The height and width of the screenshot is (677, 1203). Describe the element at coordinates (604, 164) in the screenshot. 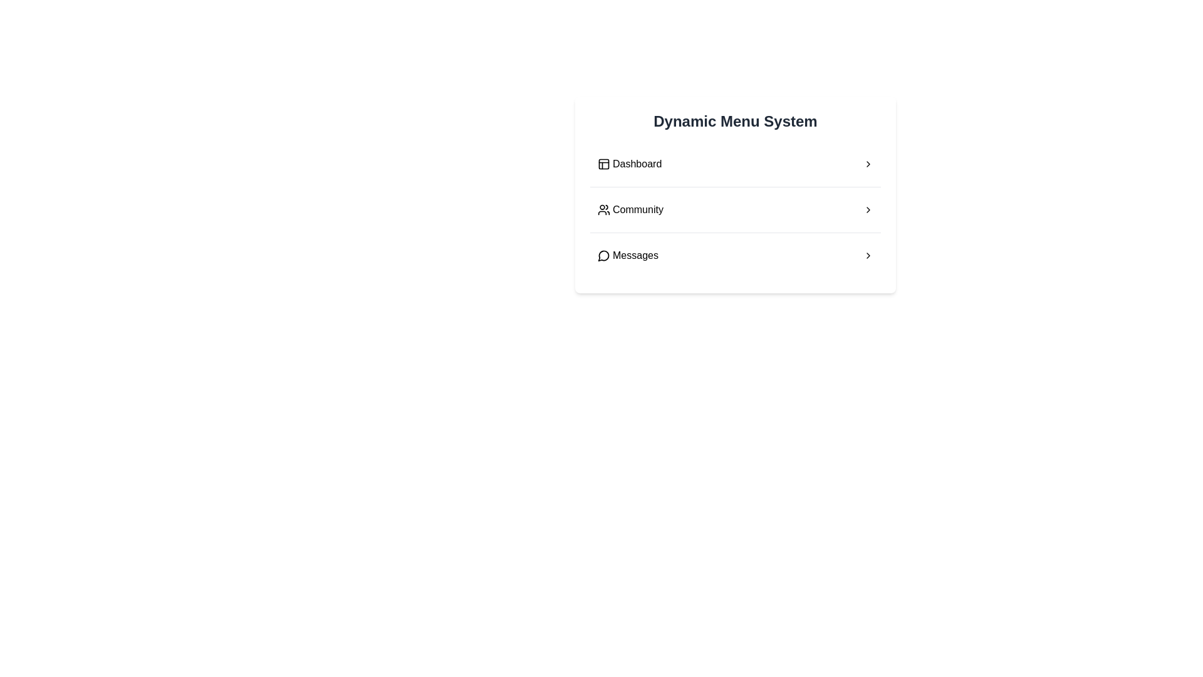

I see `the 'Dashboard' icon located to the left of the text 'Dashboard' in the topmost menu item of the vertical menu system` at that location.